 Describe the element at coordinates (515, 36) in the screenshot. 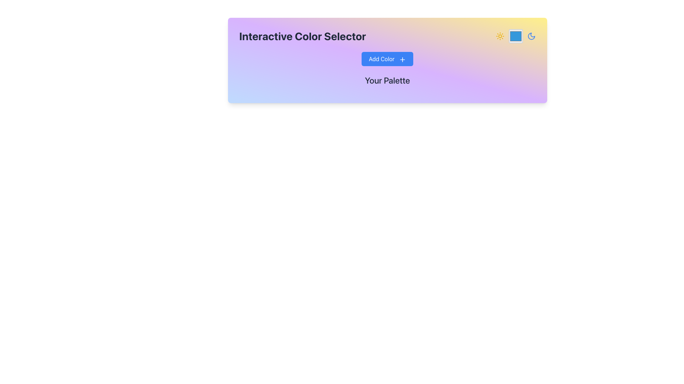

I see `the color picker located in the top-right corner of the UI` at that location.